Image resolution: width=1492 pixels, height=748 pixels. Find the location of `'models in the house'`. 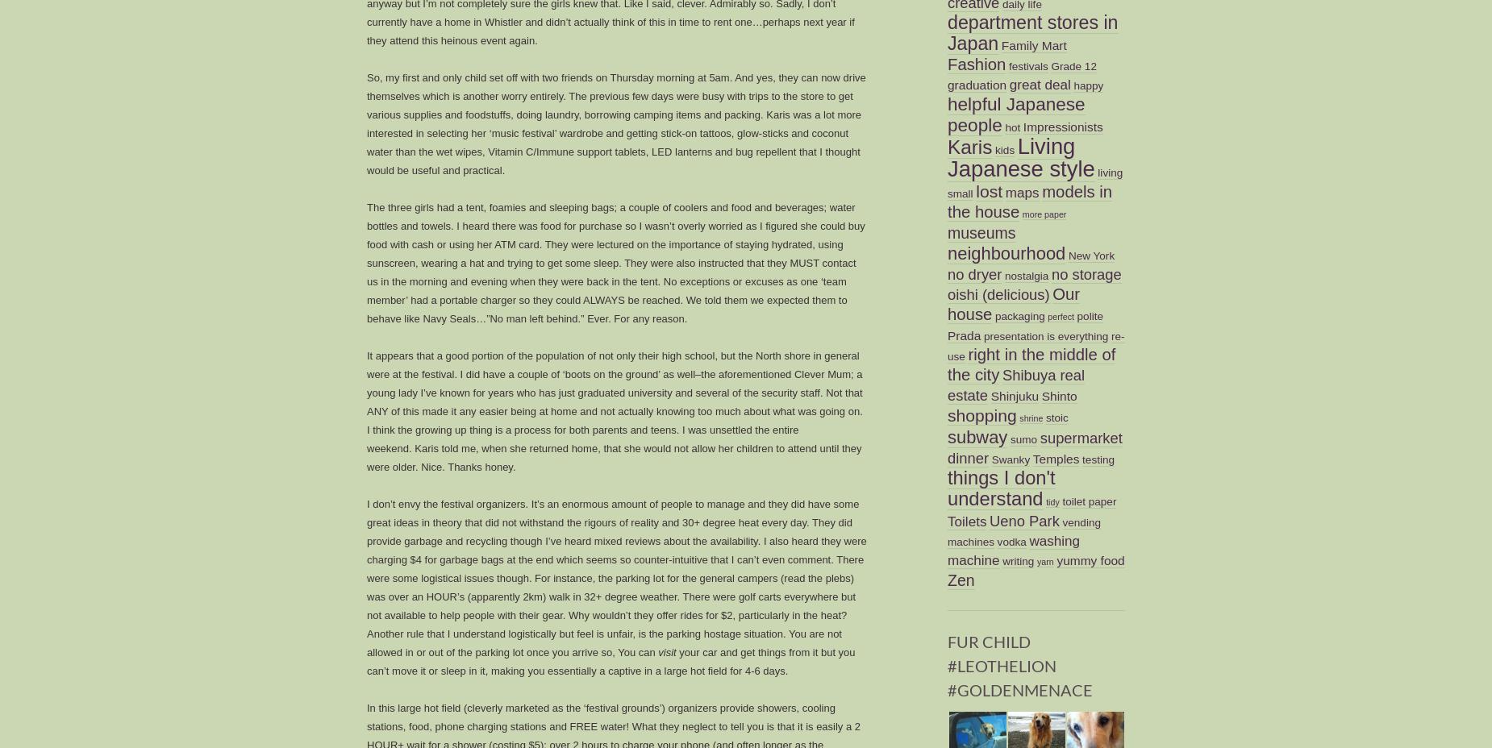

'models in the house' is located at coordinates (1029, 200).